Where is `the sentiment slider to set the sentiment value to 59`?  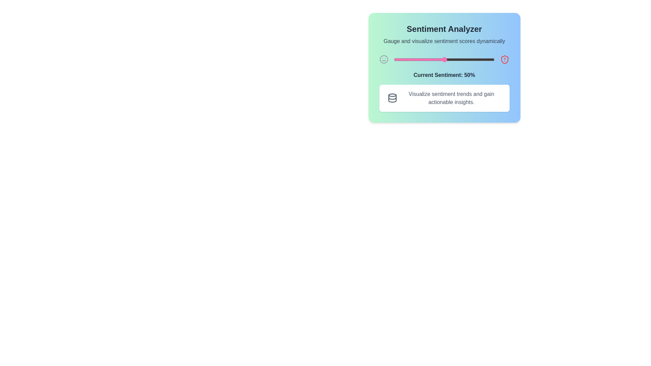 the sentiment slider to set the sentiment value to 59 is located at coordinates (453, 59).